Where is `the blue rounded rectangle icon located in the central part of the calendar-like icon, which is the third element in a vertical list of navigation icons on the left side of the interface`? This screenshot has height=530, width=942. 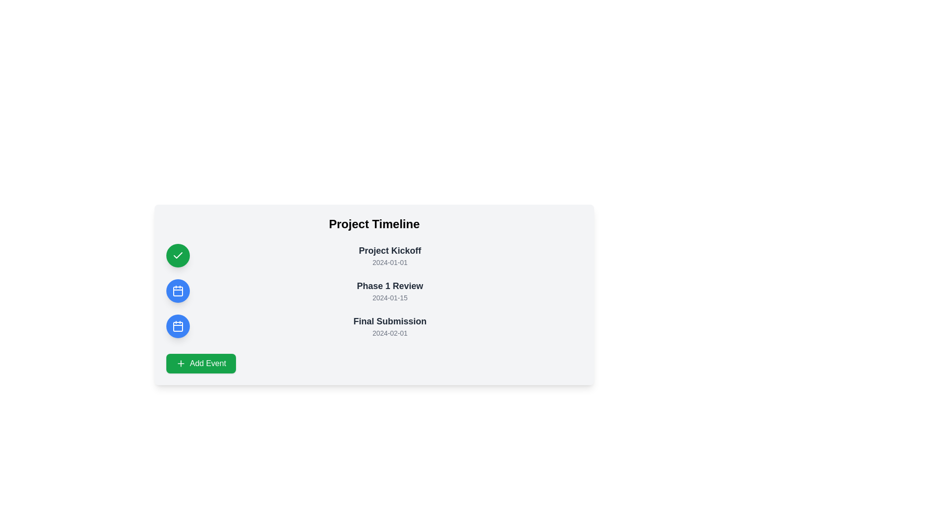
the blue rounded rectangle icon located in the central part of the calendar-like icon, which is the third element in a vertical list of navigation icons on the left side of the interface is located at coordinates (178, 327).